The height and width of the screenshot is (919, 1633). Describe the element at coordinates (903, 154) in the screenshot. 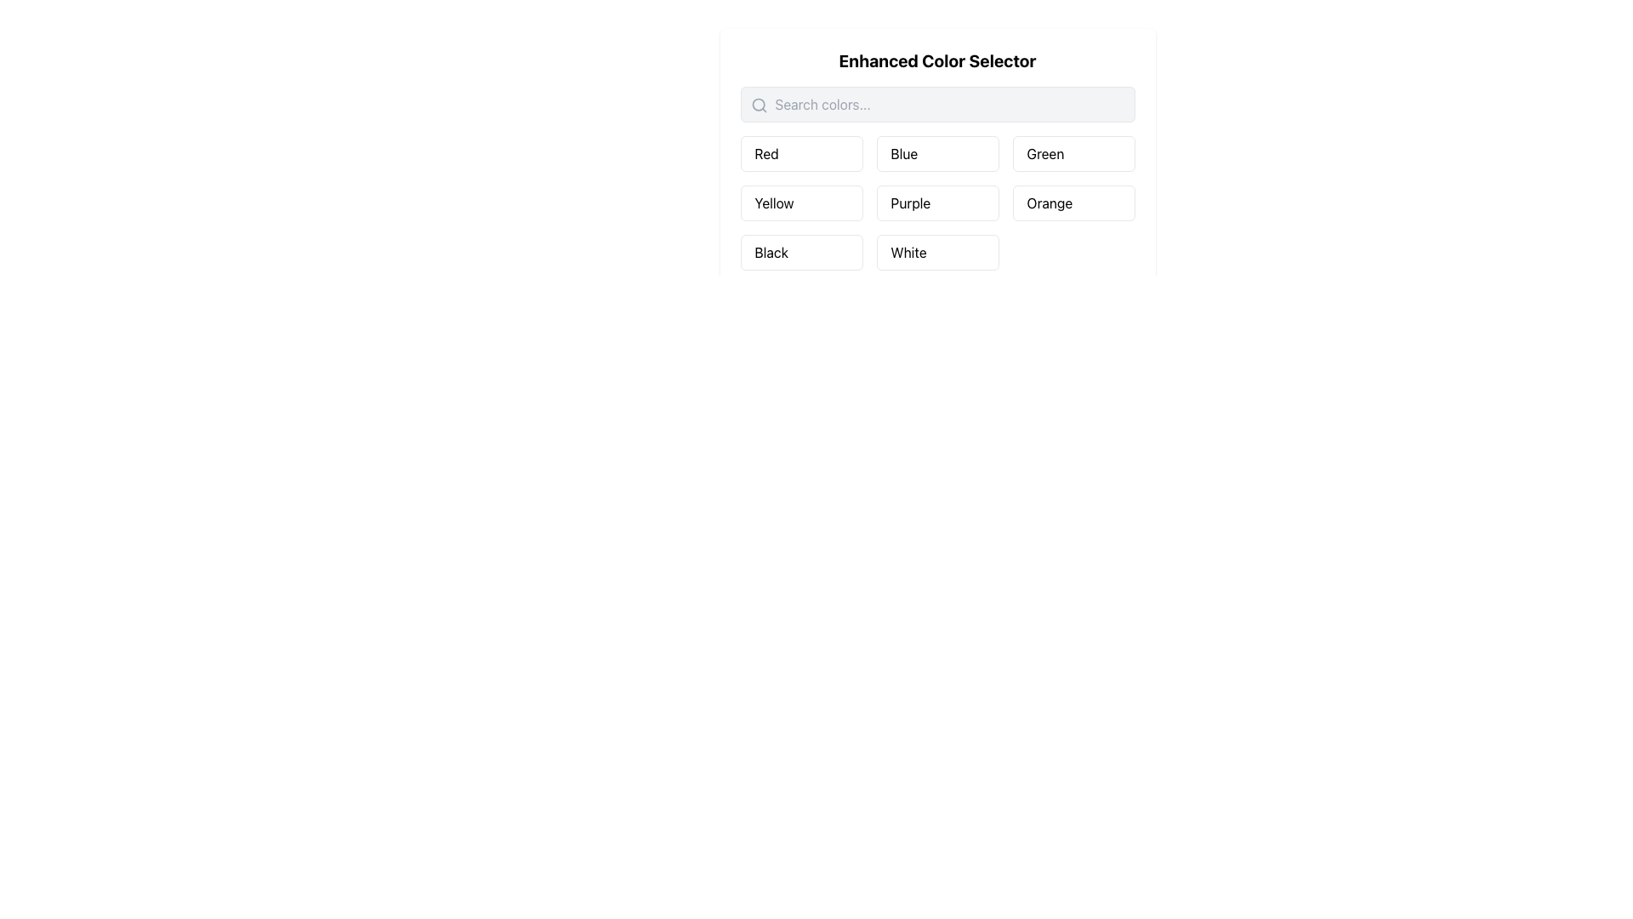

I see `the 'Blue' button in the Enhanced Color Selector section` at that location.